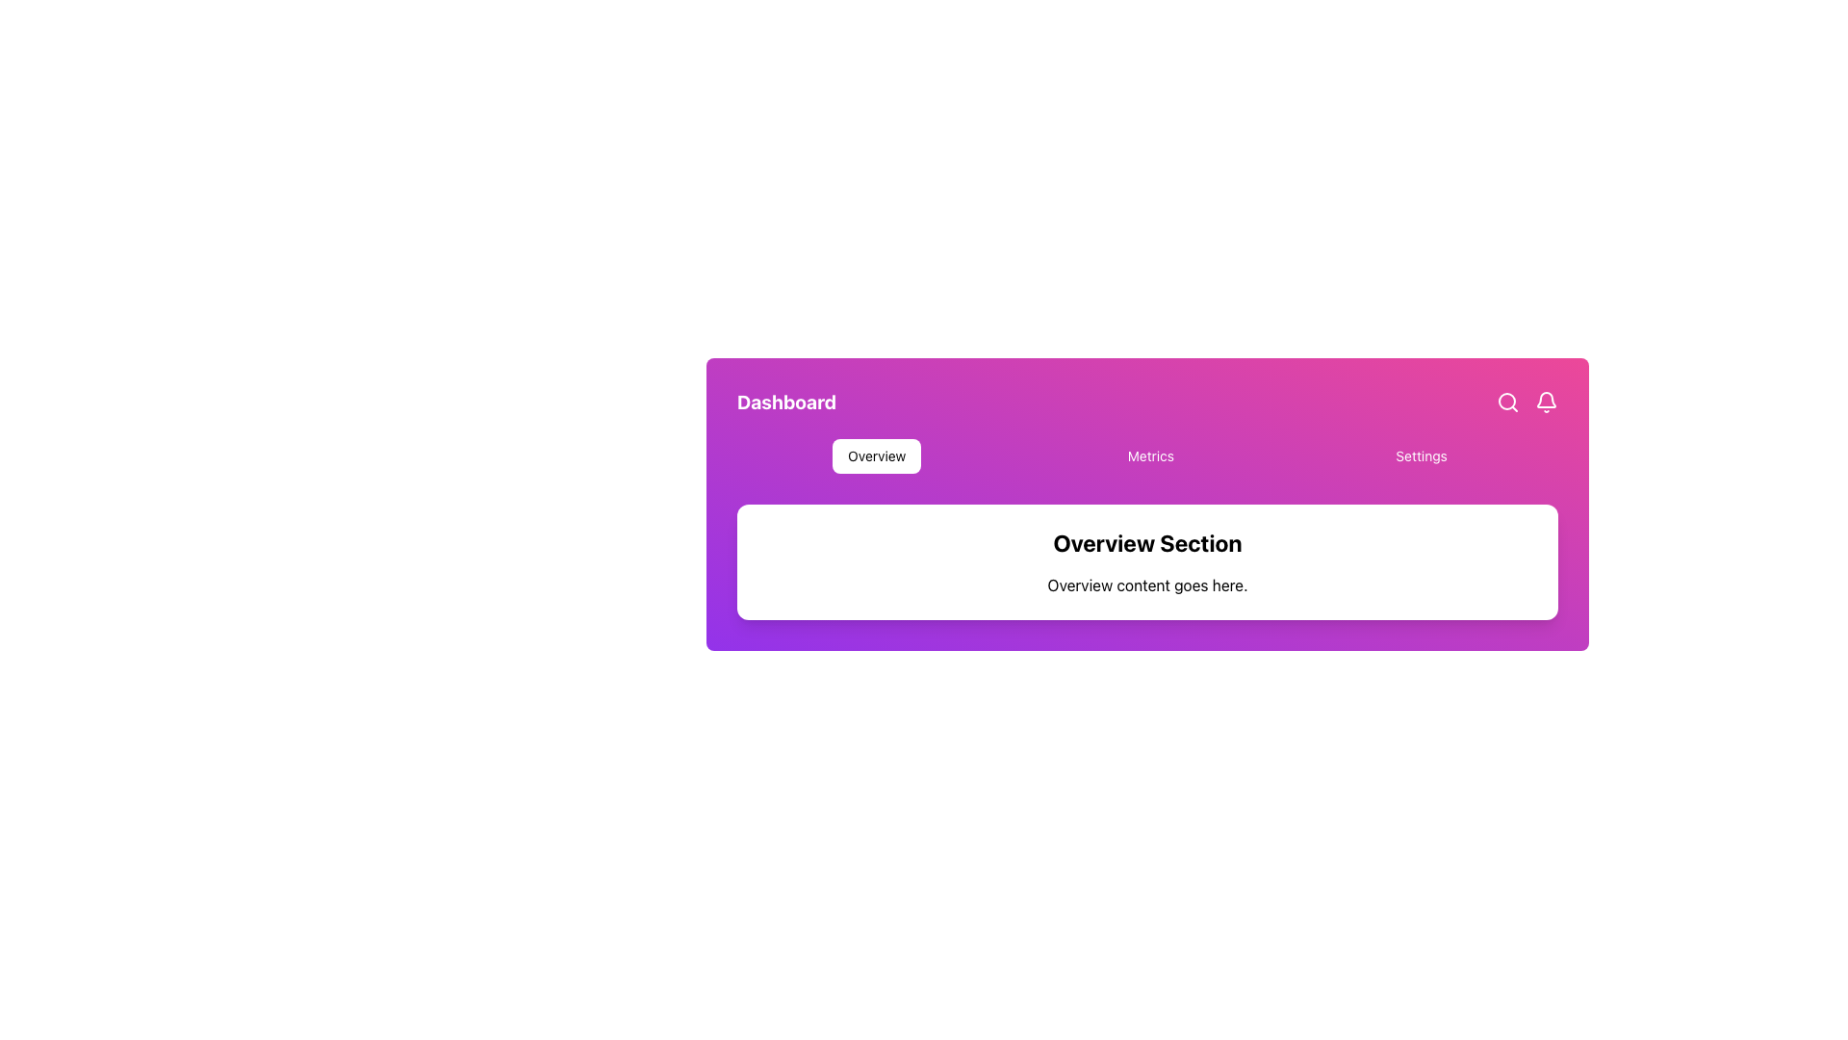 The image size is (1848, 1040). What do you see at coordinates (1147, 561) in the screenshot?
I see `the text block that contains the bold line 'Overview Section' and the standard line 'Overview content goes here', located within a white rounded rectangle on a purple gradient background` at bounding box center [1147, 561].